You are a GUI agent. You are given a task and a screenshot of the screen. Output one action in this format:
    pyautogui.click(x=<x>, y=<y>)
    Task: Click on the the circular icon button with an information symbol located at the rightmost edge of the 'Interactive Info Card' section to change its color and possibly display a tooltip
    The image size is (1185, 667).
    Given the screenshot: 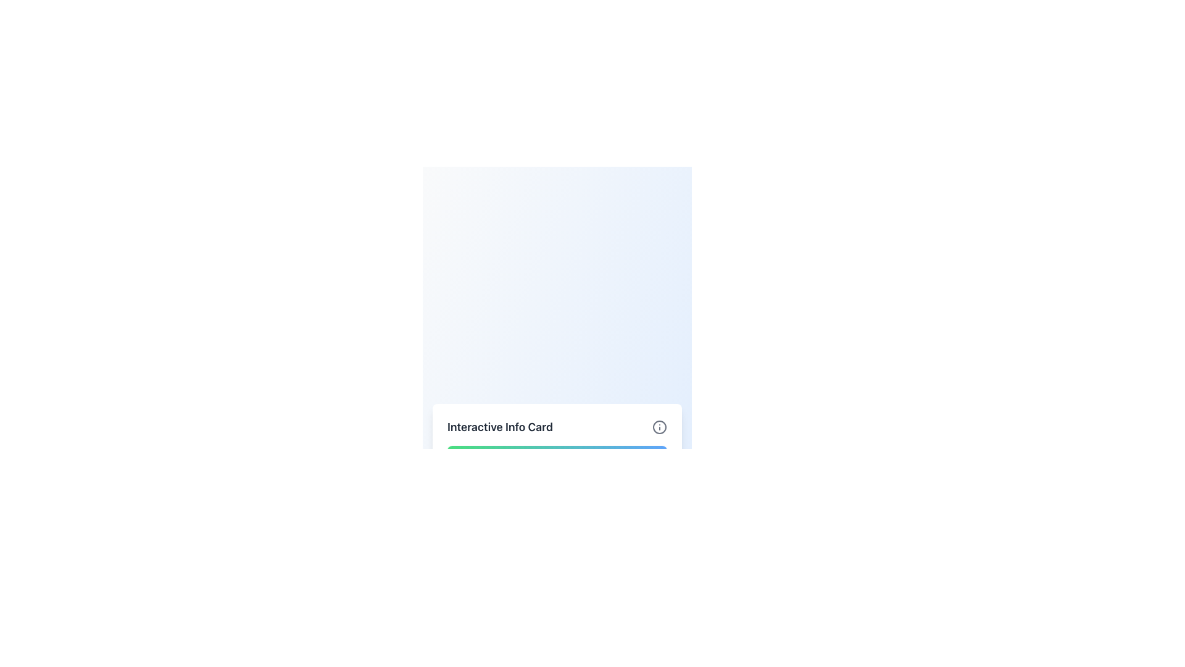 What is the action you would take?
    pyautogui.click(x=659, y=426)
    